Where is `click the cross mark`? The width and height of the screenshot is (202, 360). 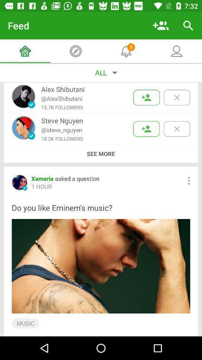
click the cross mark is located at coordinates (177, 97).